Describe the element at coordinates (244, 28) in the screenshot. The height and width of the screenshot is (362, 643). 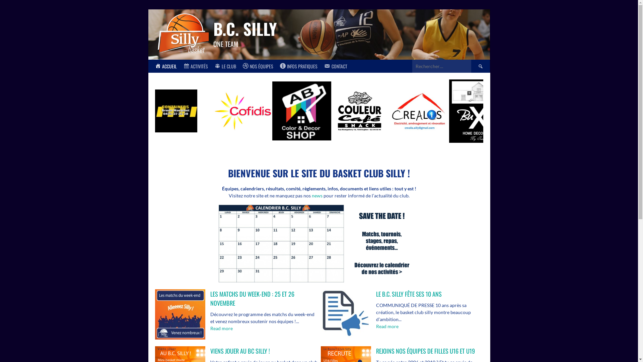
I see `'B.C. SILLY'` at that location.